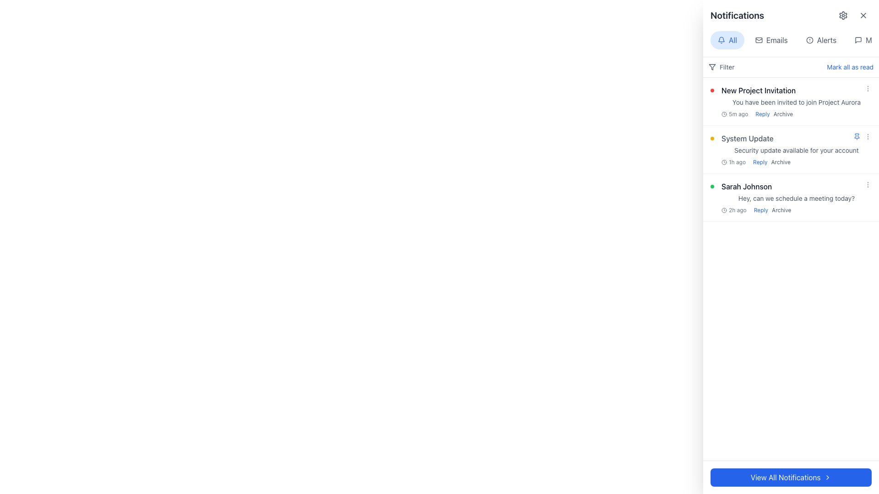  What do you see at coordinates (780, 161) in the screenshot?
I see `the 'Archive' button located next to the 'Reply' button in the notification for 'System Update'` at bounding box center [780, 161].